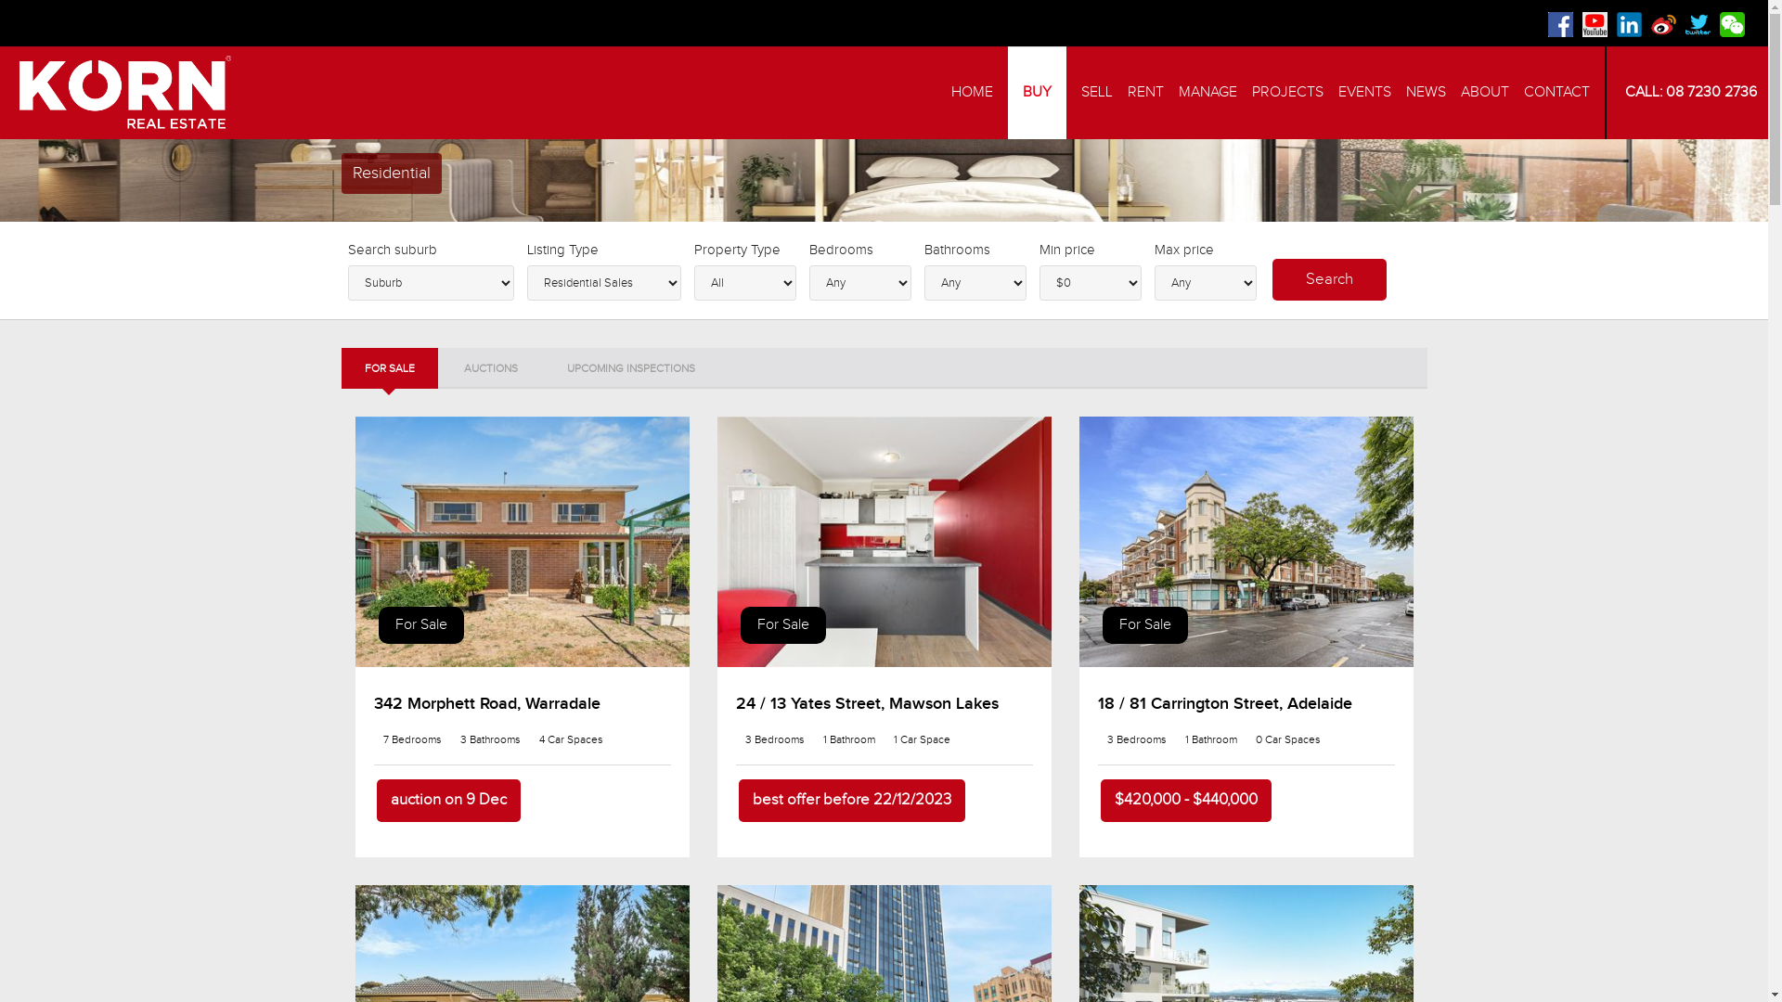  Describe the element at coordinates (542, 368) in the screenshot. I see `'UPCOMING INSPECTIONS'` at that location.